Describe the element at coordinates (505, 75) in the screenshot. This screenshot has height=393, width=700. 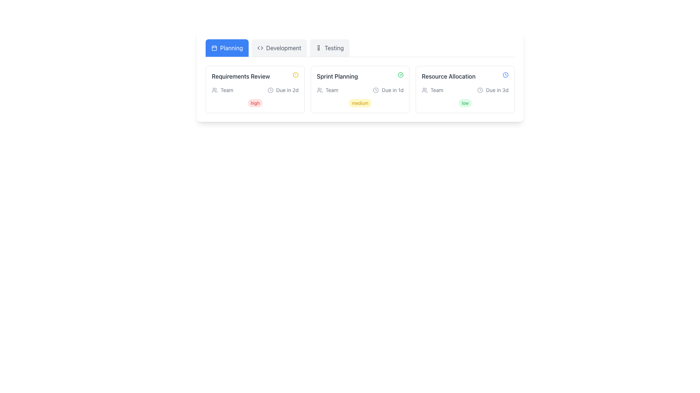
I see `the time-related icon located at the top-right corner of the 'Resource Allocation' card, directly to the right of the card title text` at that location.